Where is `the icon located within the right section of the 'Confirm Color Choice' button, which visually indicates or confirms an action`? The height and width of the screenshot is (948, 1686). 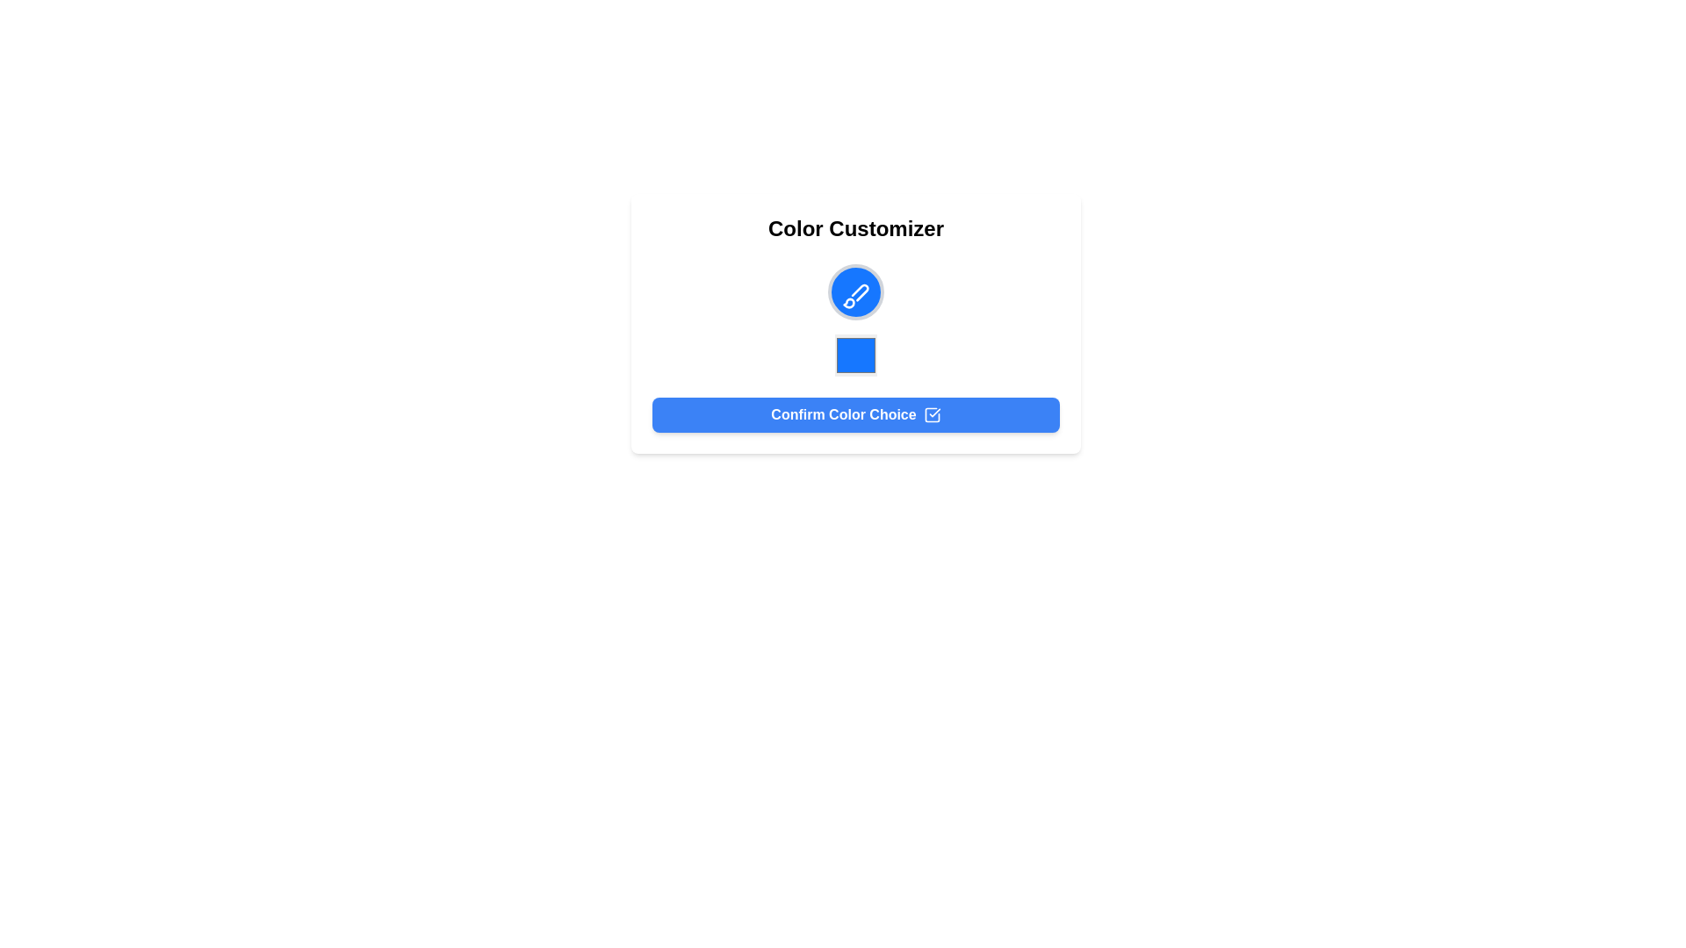
the icon located within the right section of the 'Confirm Color Choice' button, which visually indicates or confirms an action is located at coordinates (931, 415).